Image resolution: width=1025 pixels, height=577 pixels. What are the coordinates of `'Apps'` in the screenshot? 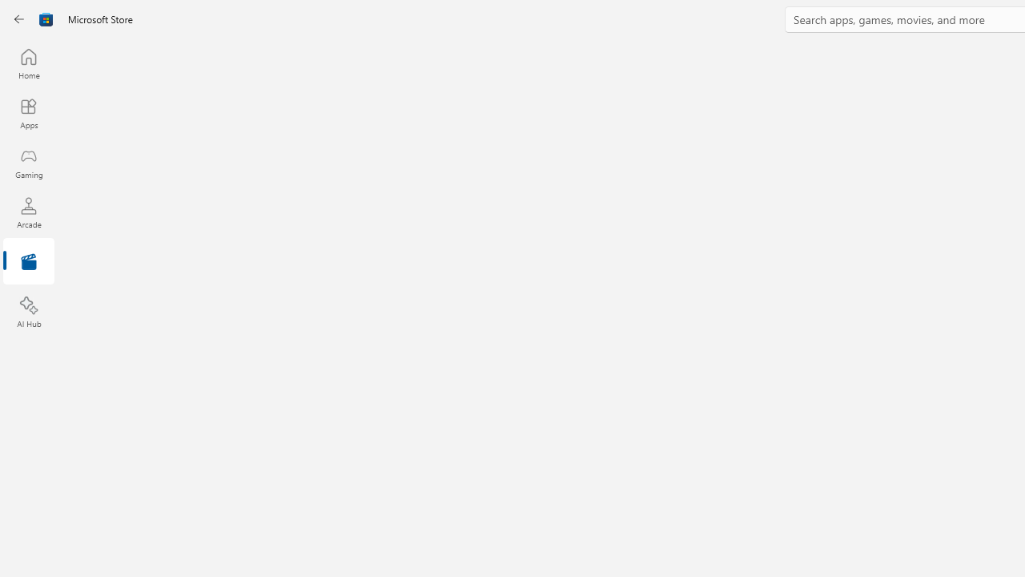 It's located at (28, 112).